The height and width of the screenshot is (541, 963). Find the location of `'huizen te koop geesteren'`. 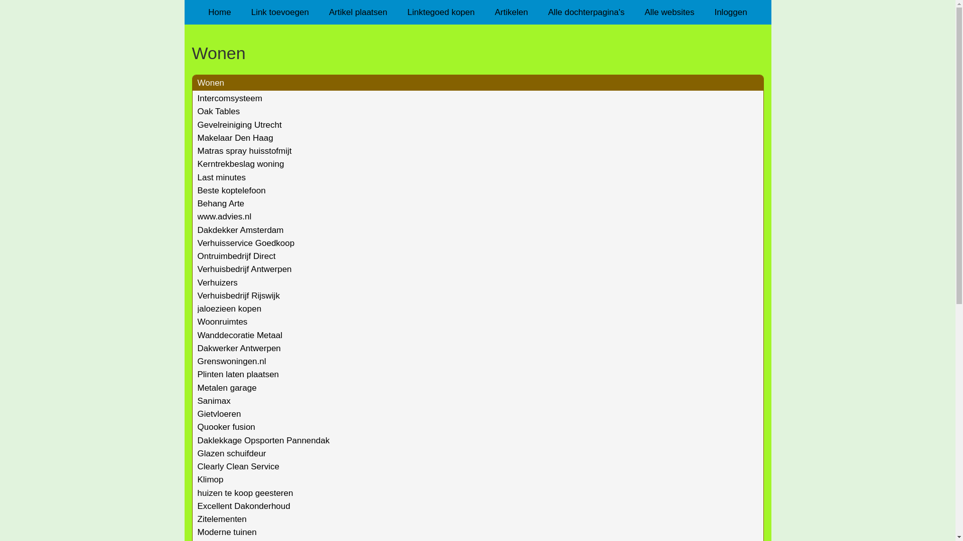

'huizen te koop geesteren' is located at coordinates (197, 492).